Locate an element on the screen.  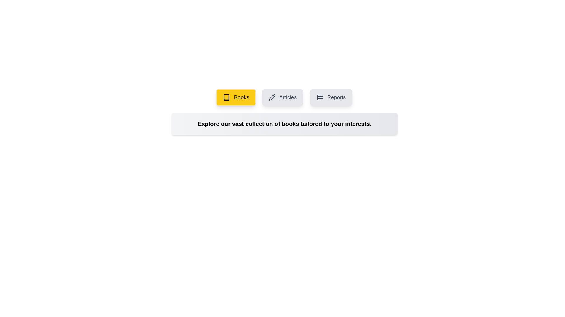
the 'Articles' button, which is a rectangular button styled in soft gray tones with a pencil icon to the left and the text 'Articles' to the right, to trigger hover effects is located at coordinates (282, 97).